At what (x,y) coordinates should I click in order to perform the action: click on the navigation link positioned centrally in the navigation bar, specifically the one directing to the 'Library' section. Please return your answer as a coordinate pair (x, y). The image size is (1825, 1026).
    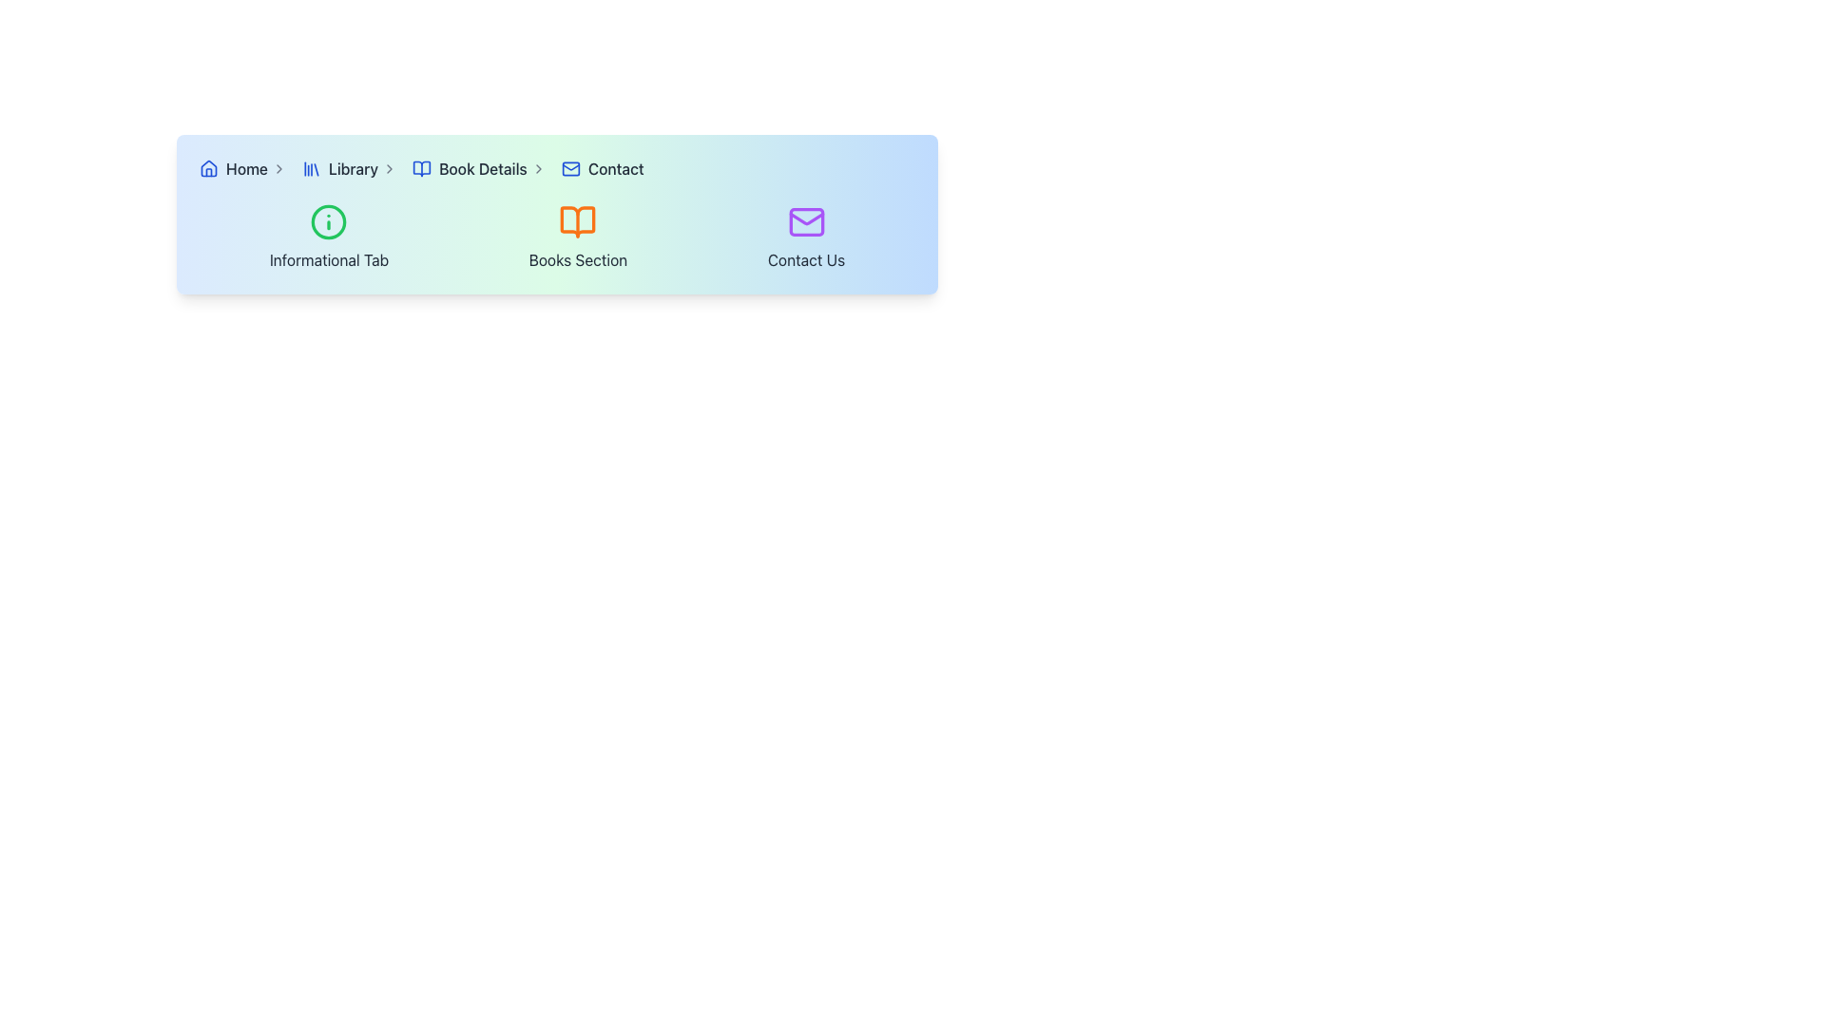
    Looking at the image, I should click on (351, 167).